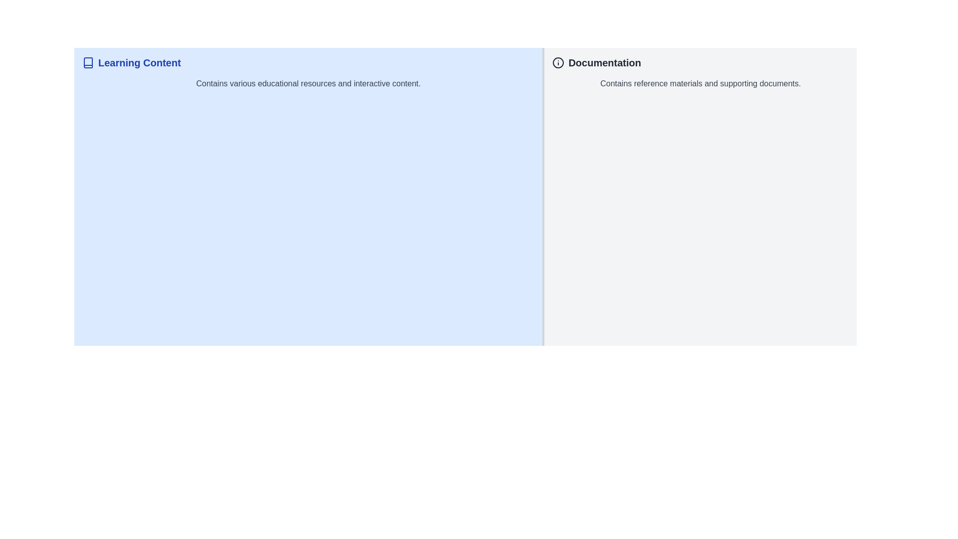 The height and width of the screenshot is (539, 958). Describe the element at coordinates (88, 63) in the screenshot. I see `the book icon with a blue stroke outline located to the left of the 'Learning Content' text in the header area` at that location.